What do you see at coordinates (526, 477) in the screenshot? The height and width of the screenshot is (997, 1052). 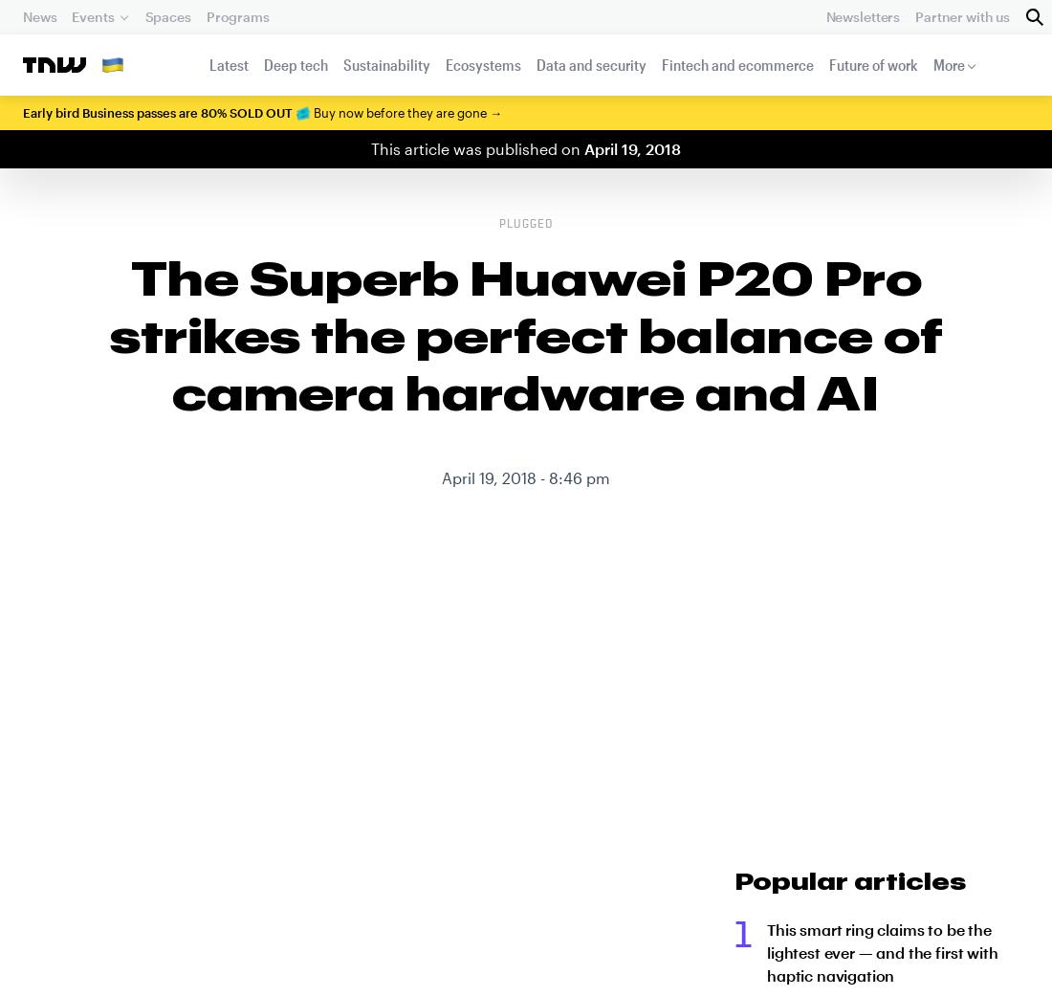 I see `'April 19, 2018 - 8:46 pm'` at bounding box center [526, 477].